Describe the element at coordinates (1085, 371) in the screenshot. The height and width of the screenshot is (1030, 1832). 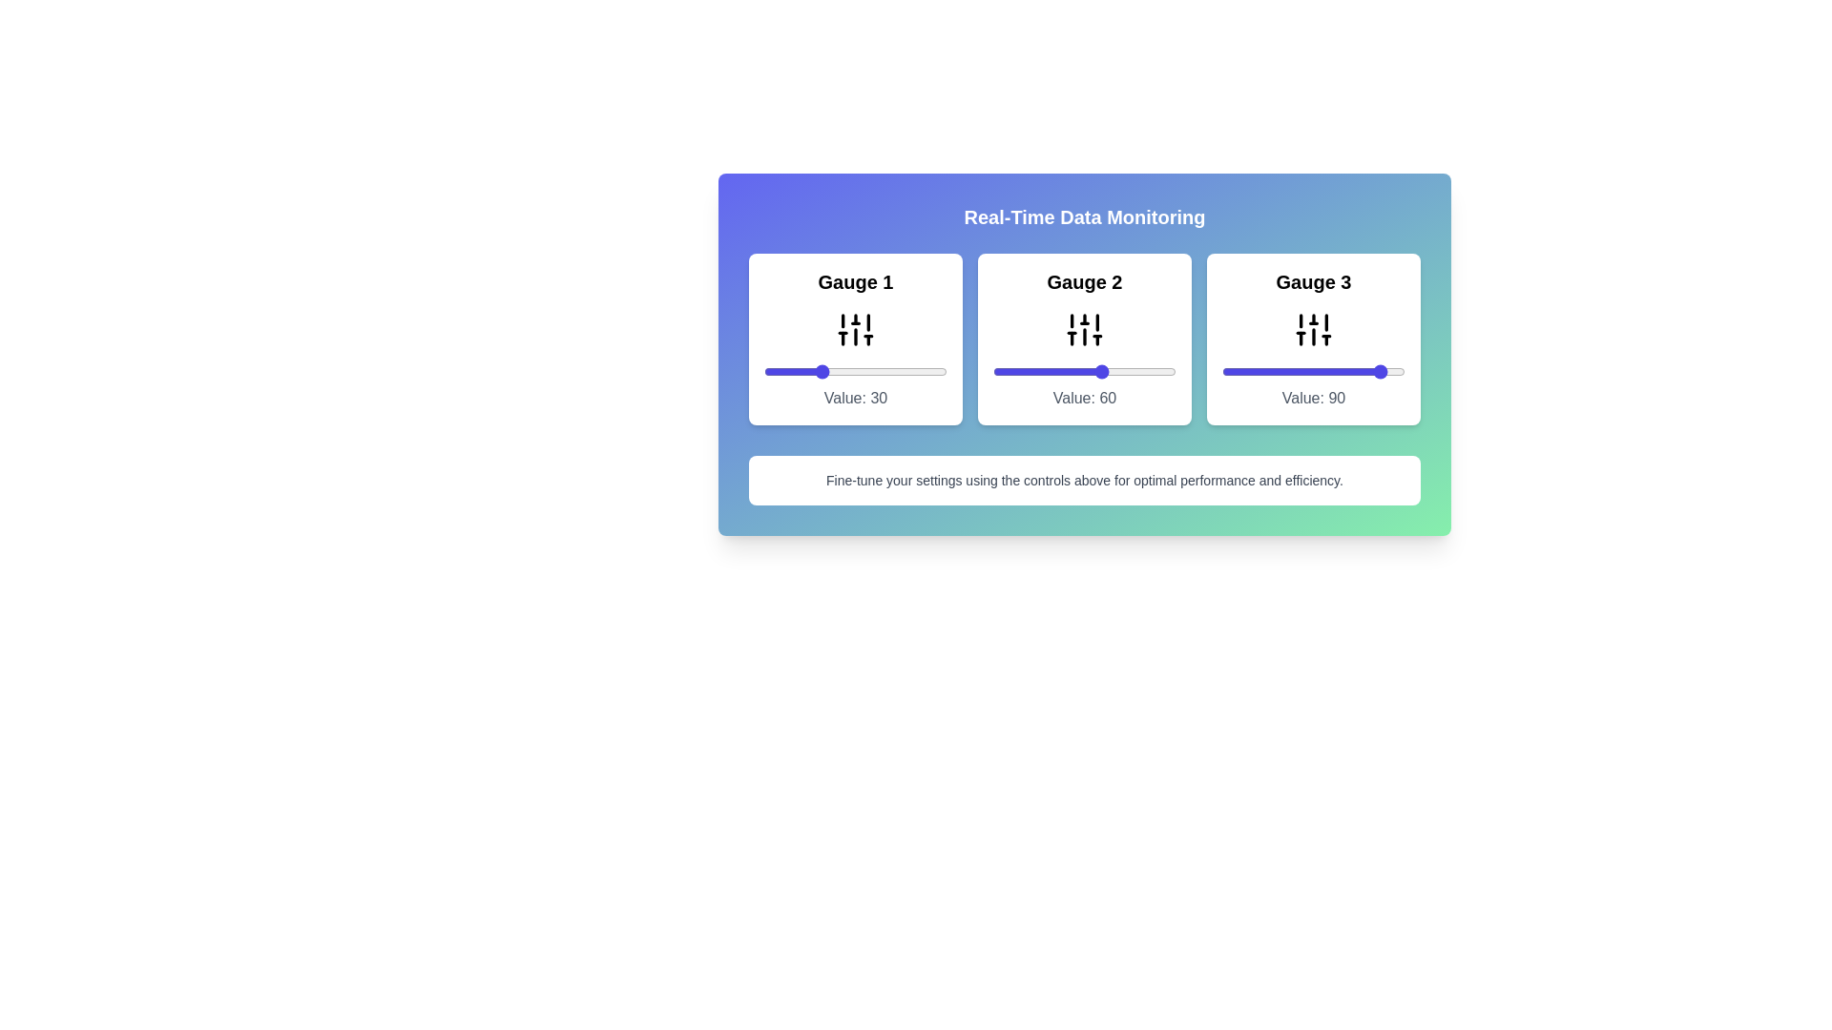
I see `the slider` at that location.